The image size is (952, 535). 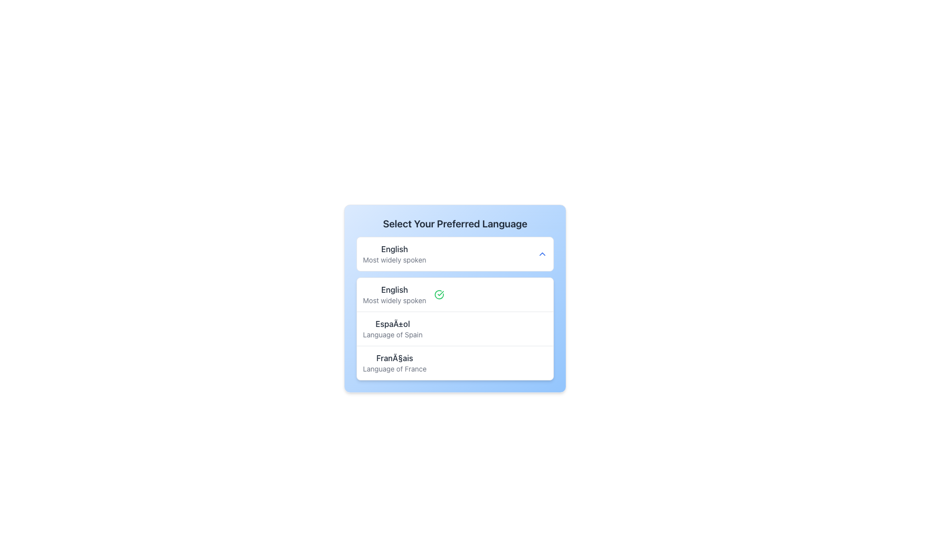 I want to click on the text label that displays 'Most widely spoken', which is positioned below the title 'English' in a smaller gray font, near the top of a dropdown component, so click(x=394, y=259).